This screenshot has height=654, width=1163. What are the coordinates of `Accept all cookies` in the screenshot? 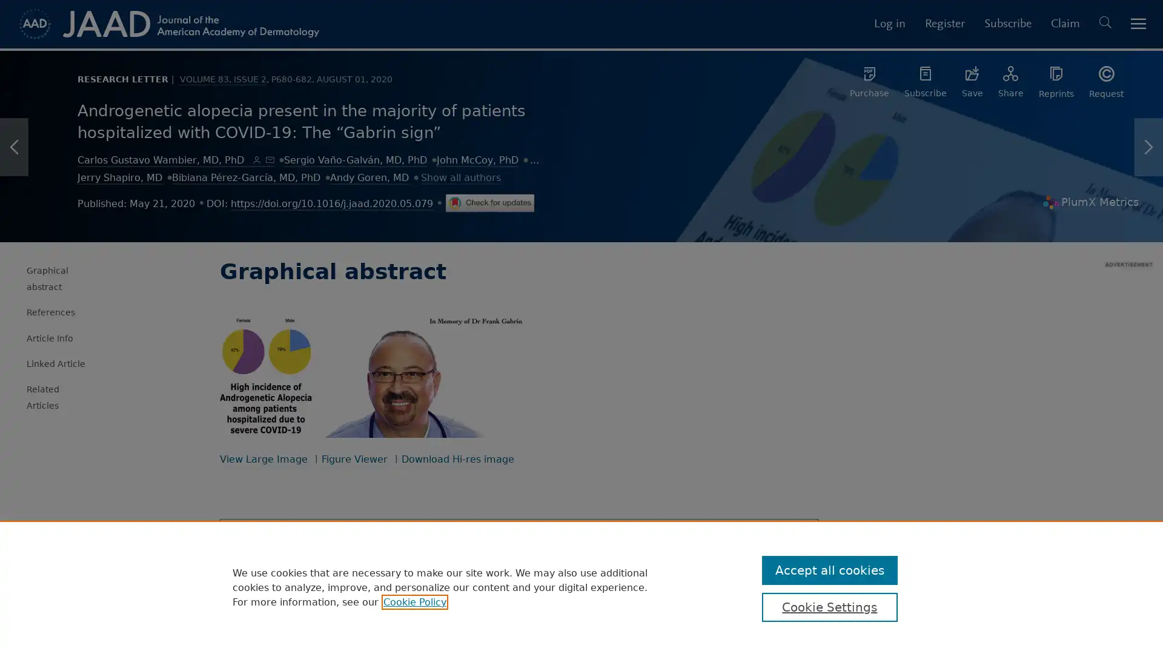 It's located at (828, 570).